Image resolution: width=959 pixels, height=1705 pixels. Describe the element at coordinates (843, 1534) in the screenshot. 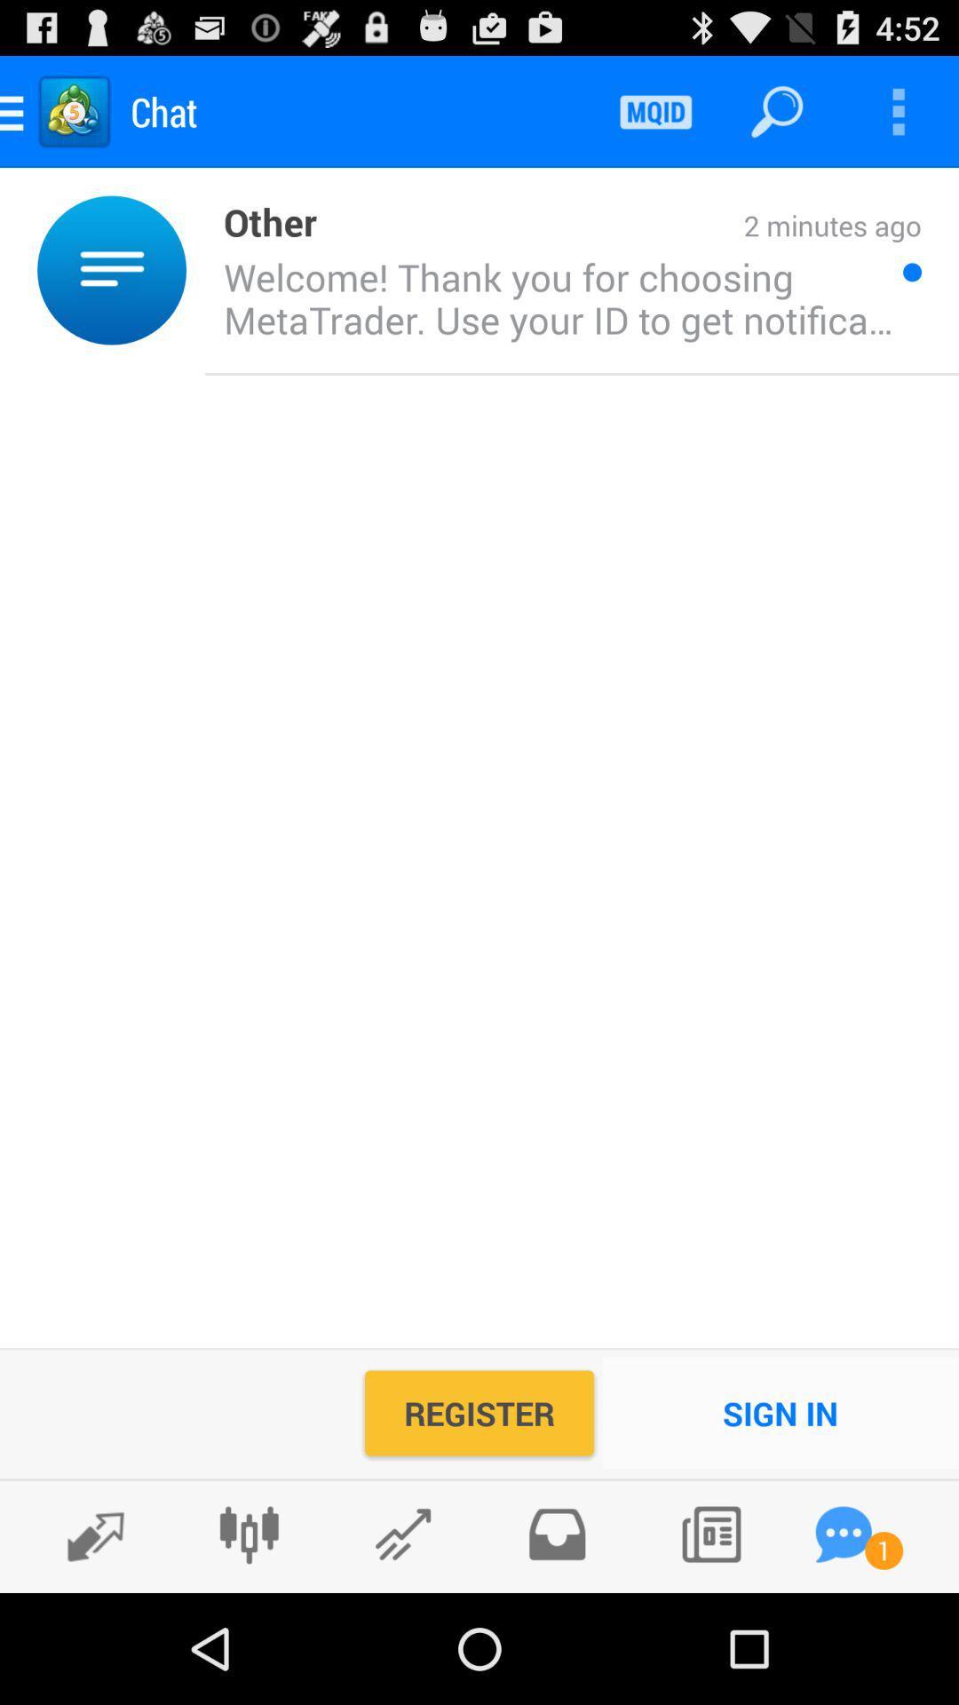

I see `messages` at that location.